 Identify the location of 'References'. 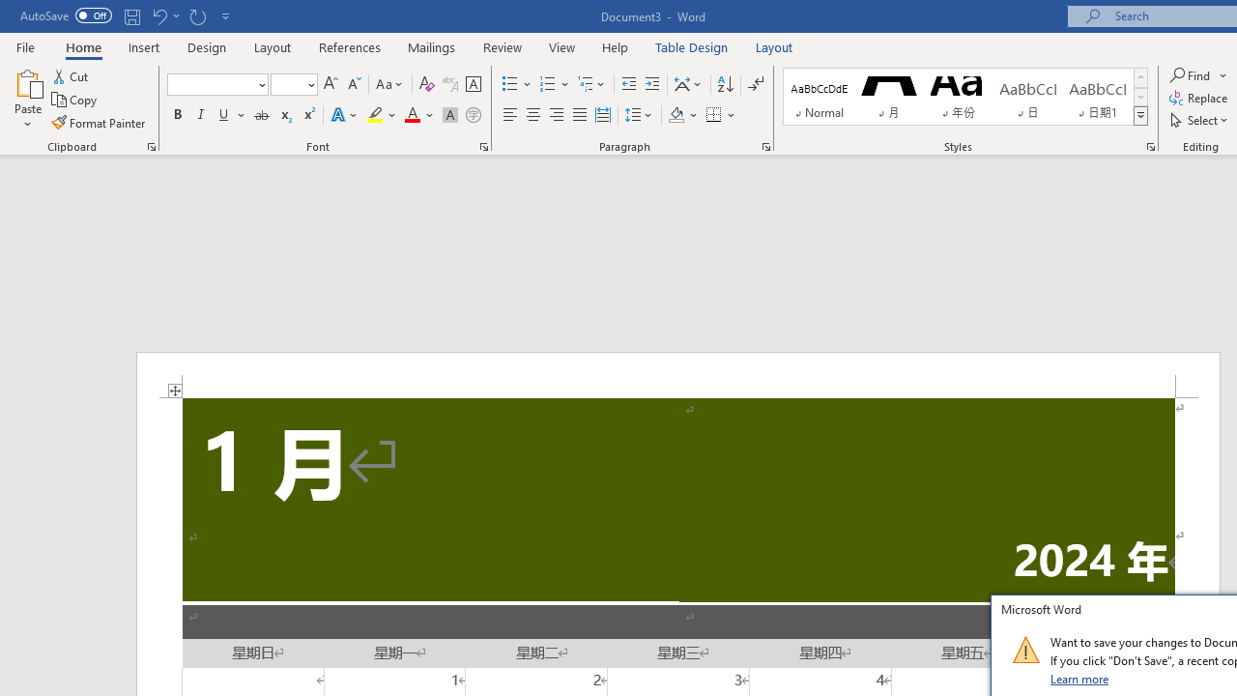
(350, 46).